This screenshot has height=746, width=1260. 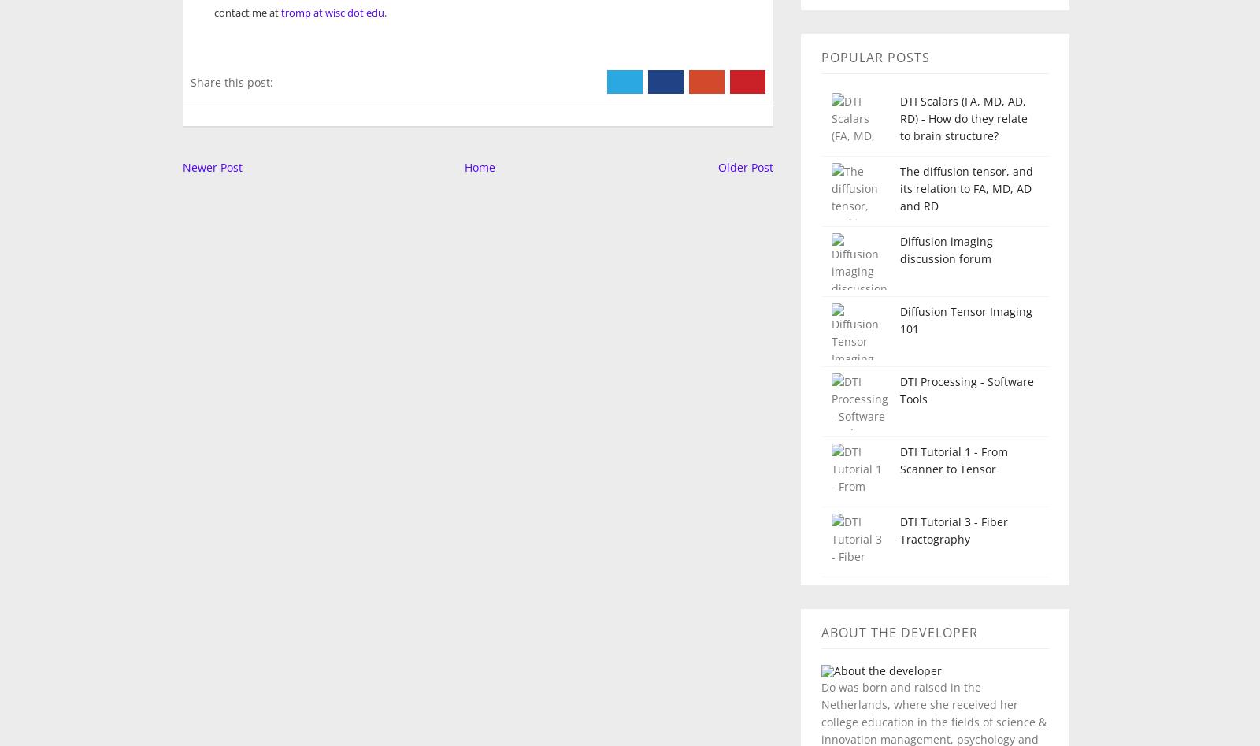 What do you see at coordinates (211, 166) in the screenshot?
I see `'Newer Post'` at bounding box center [211, 166].